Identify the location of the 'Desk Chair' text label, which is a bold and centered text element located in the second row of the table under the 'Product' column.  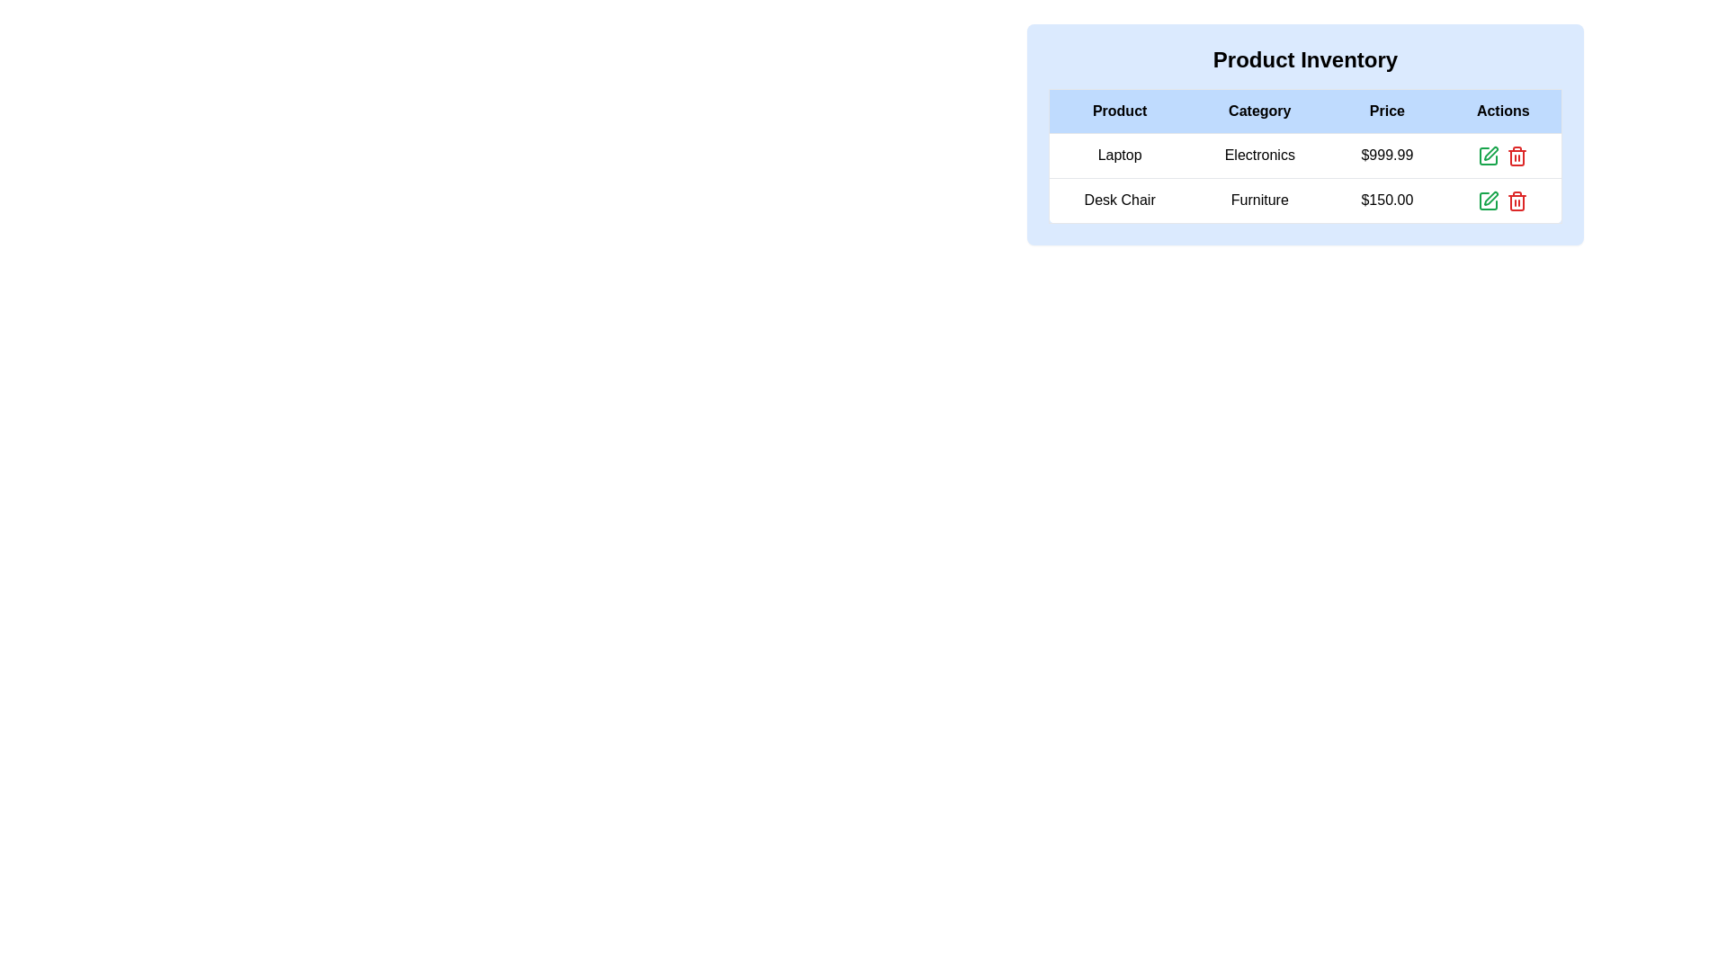
(1118, 200).